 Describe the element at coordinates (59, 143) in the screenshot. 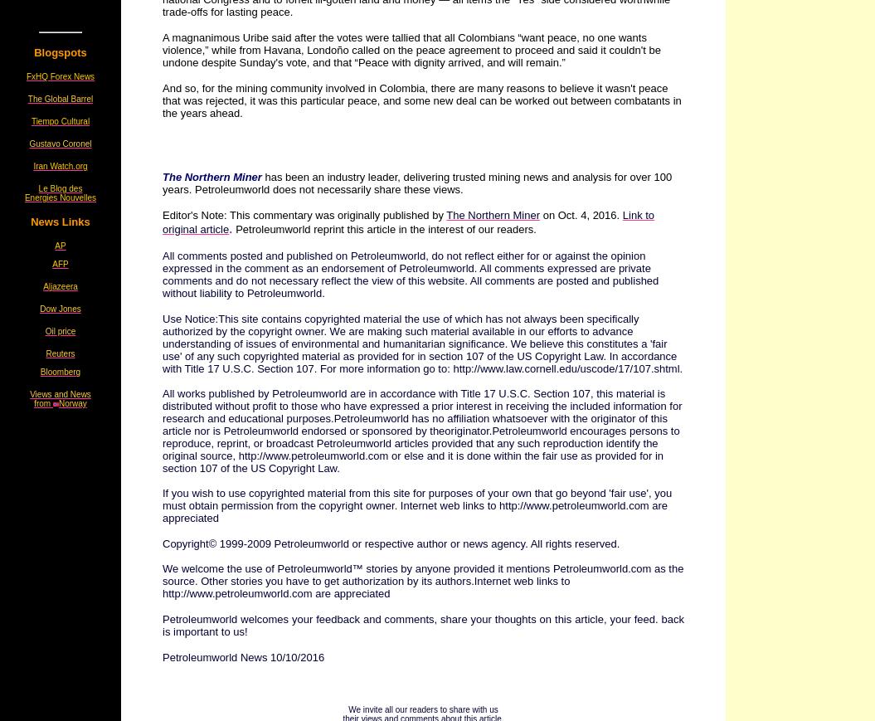

I see `'Gustavo Coronel'` at that location.